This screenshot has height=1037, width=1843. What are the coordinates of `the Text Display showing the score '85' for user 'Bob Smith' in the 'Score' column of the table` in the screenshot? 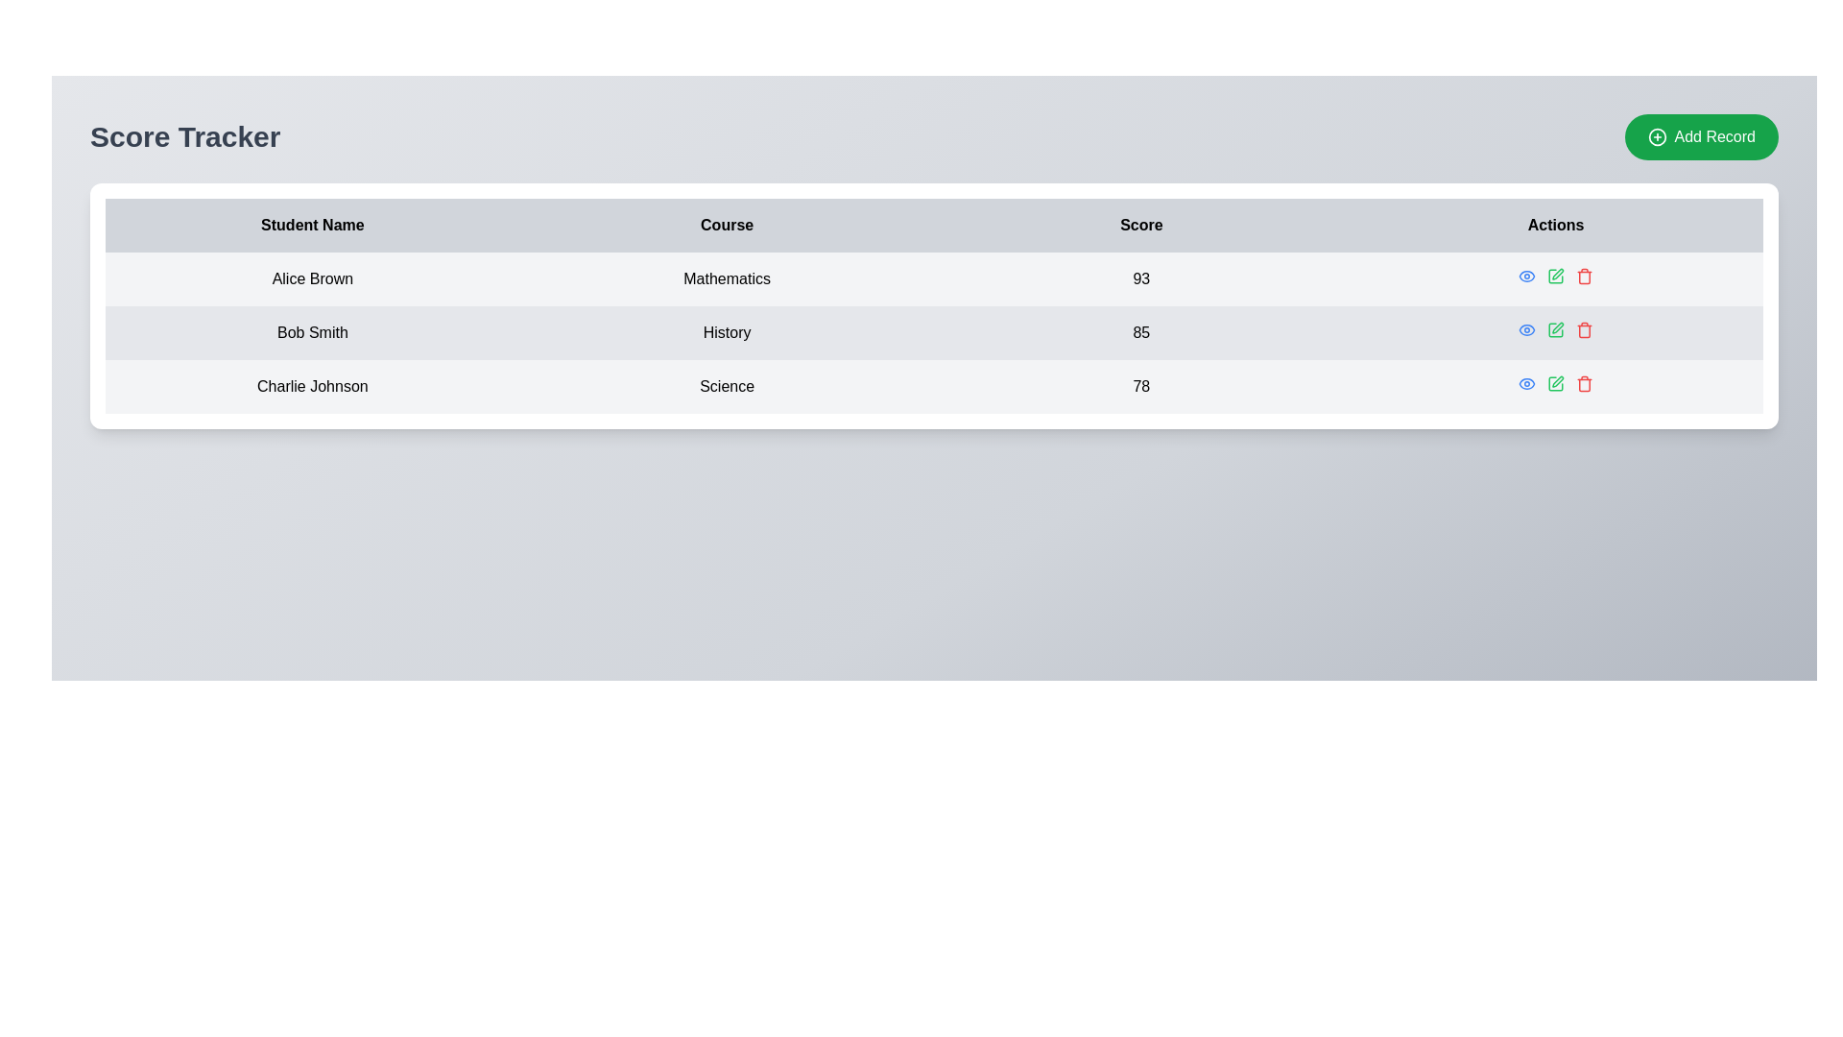 It's located at (1141, 332).